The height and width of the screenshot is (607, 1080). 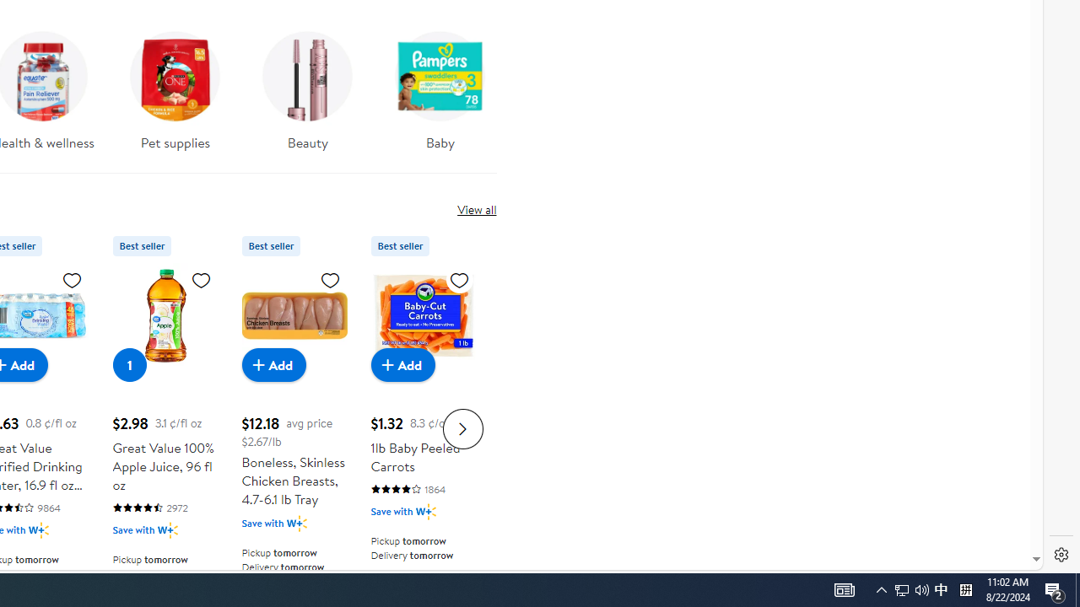 I want to click on 'Sign in to add to Favorites list, 1lb Baby Peeled Carrots', so click(x=459, y=278).